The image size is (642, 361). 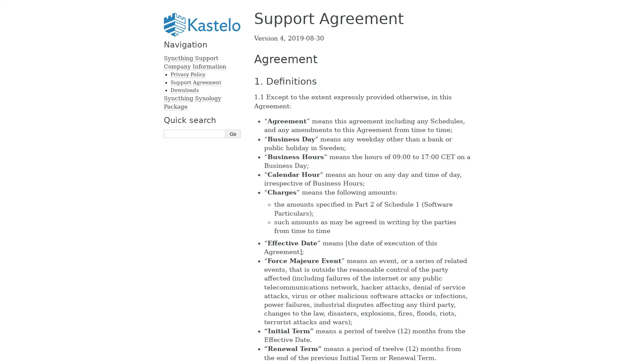 I want to click on Go, so click(x=233, y=134).